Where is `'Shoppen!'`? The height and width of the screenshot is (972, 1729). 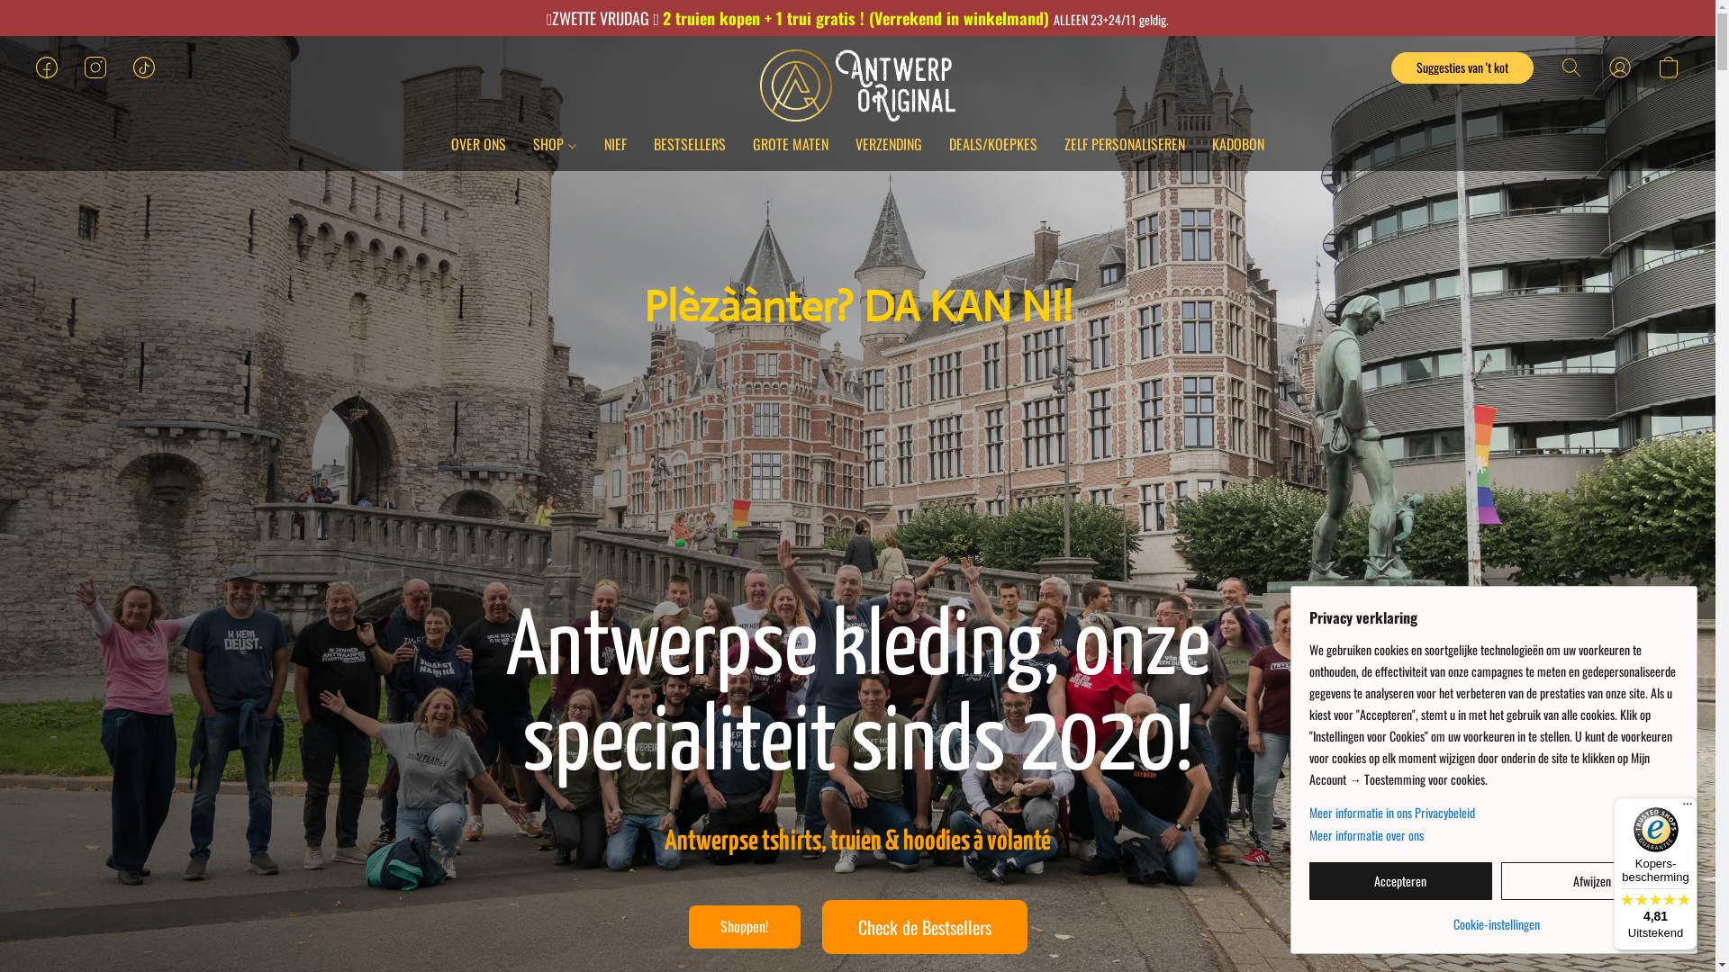 'Shoppen!' is located at coordinates (743, 926).